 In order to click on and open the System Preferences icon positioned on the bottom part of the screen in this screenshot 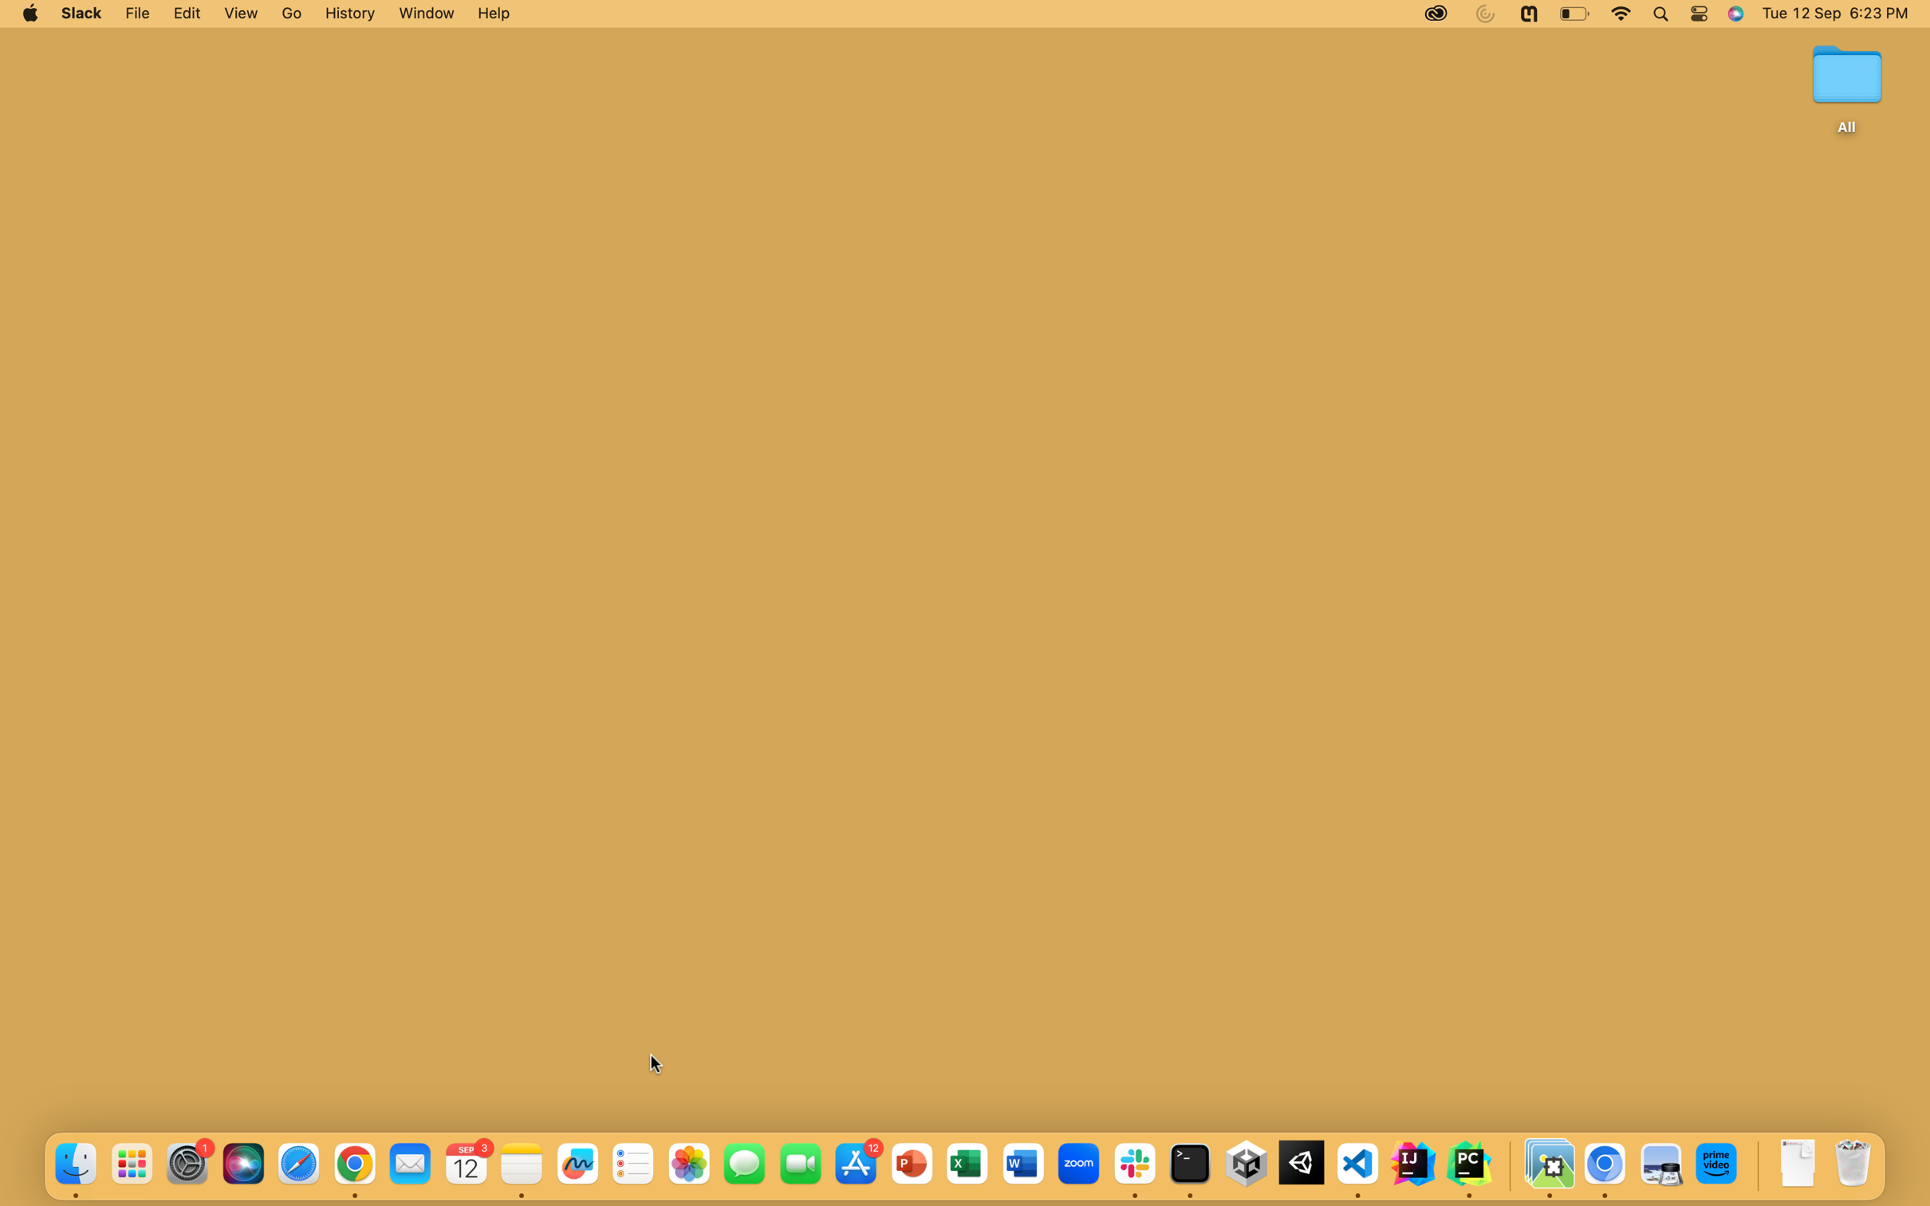, I will do `click(187, 1164)`.